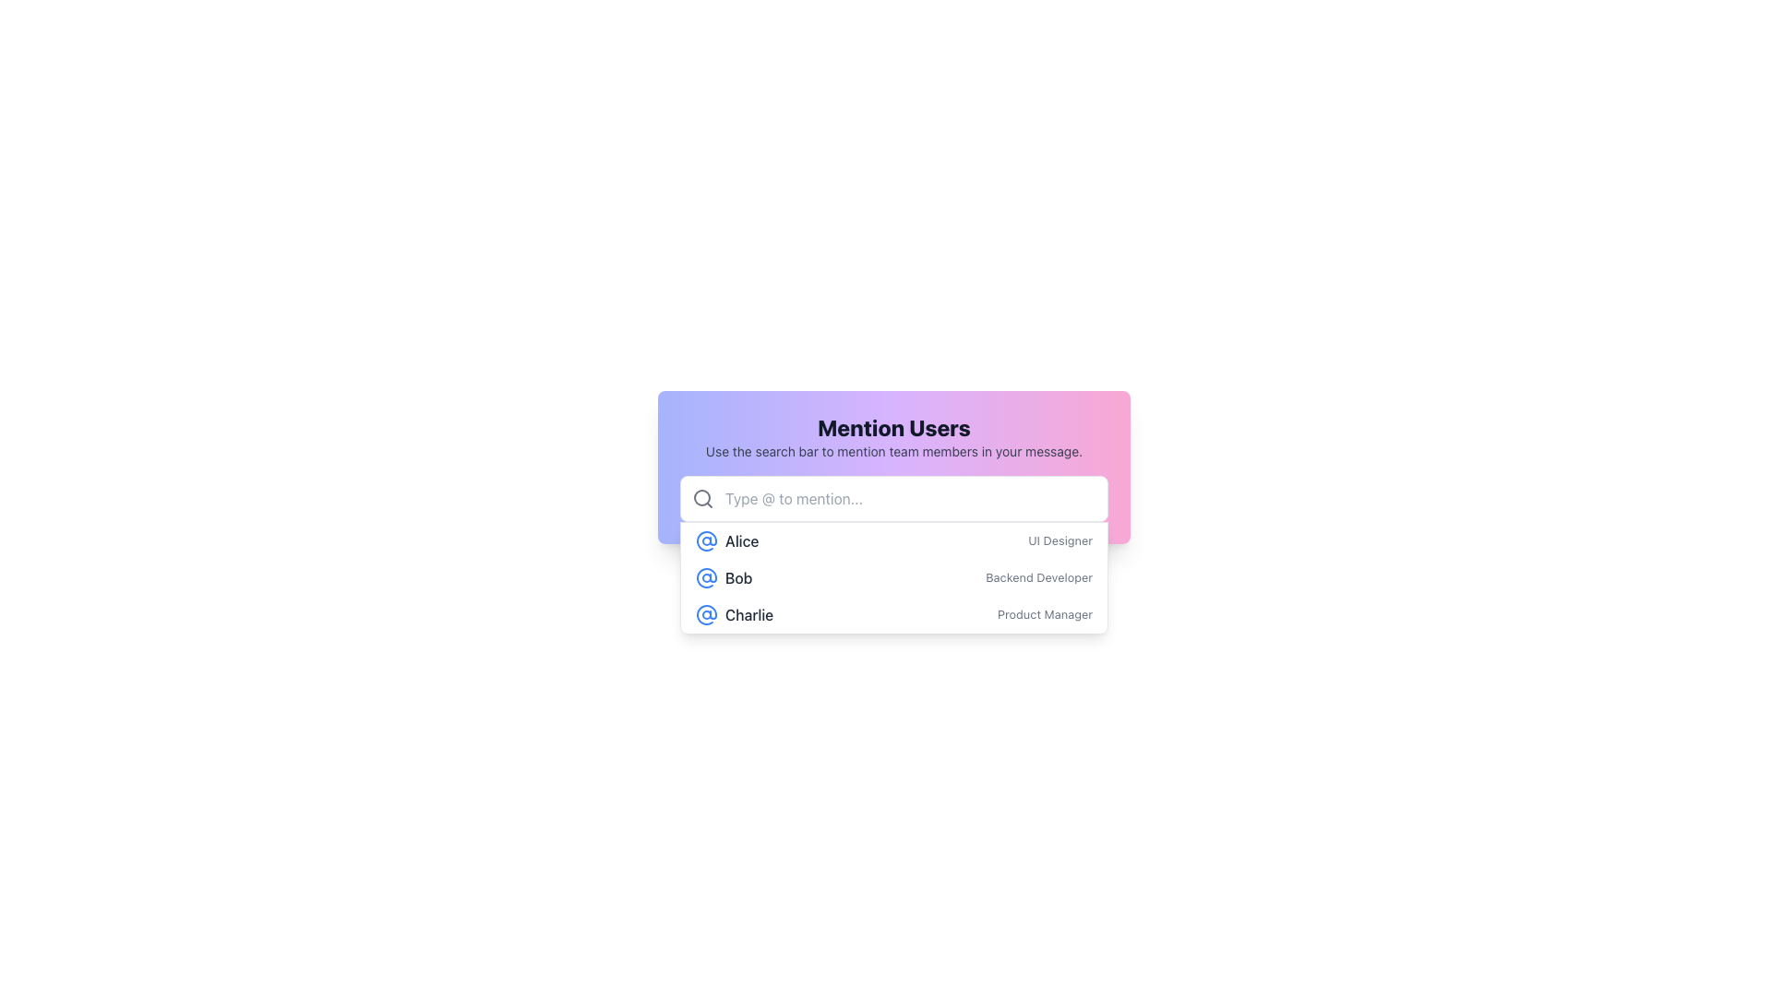 This screenshot has width=1772, height=996. What do you see at coordinates (734, 615) in the screenshot?
I see `the text label representing 'Charlie' in the user list interface, which is located next to the blue @ icon and above the text 'Product Manager'` at bounding box center [734, 615].